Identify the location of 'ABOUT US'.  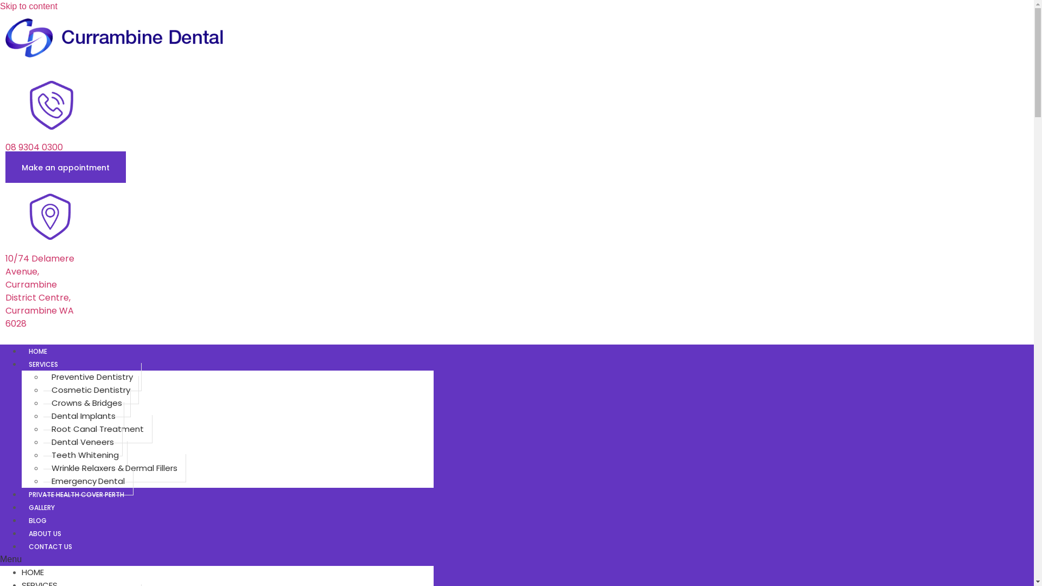
(45, 532).